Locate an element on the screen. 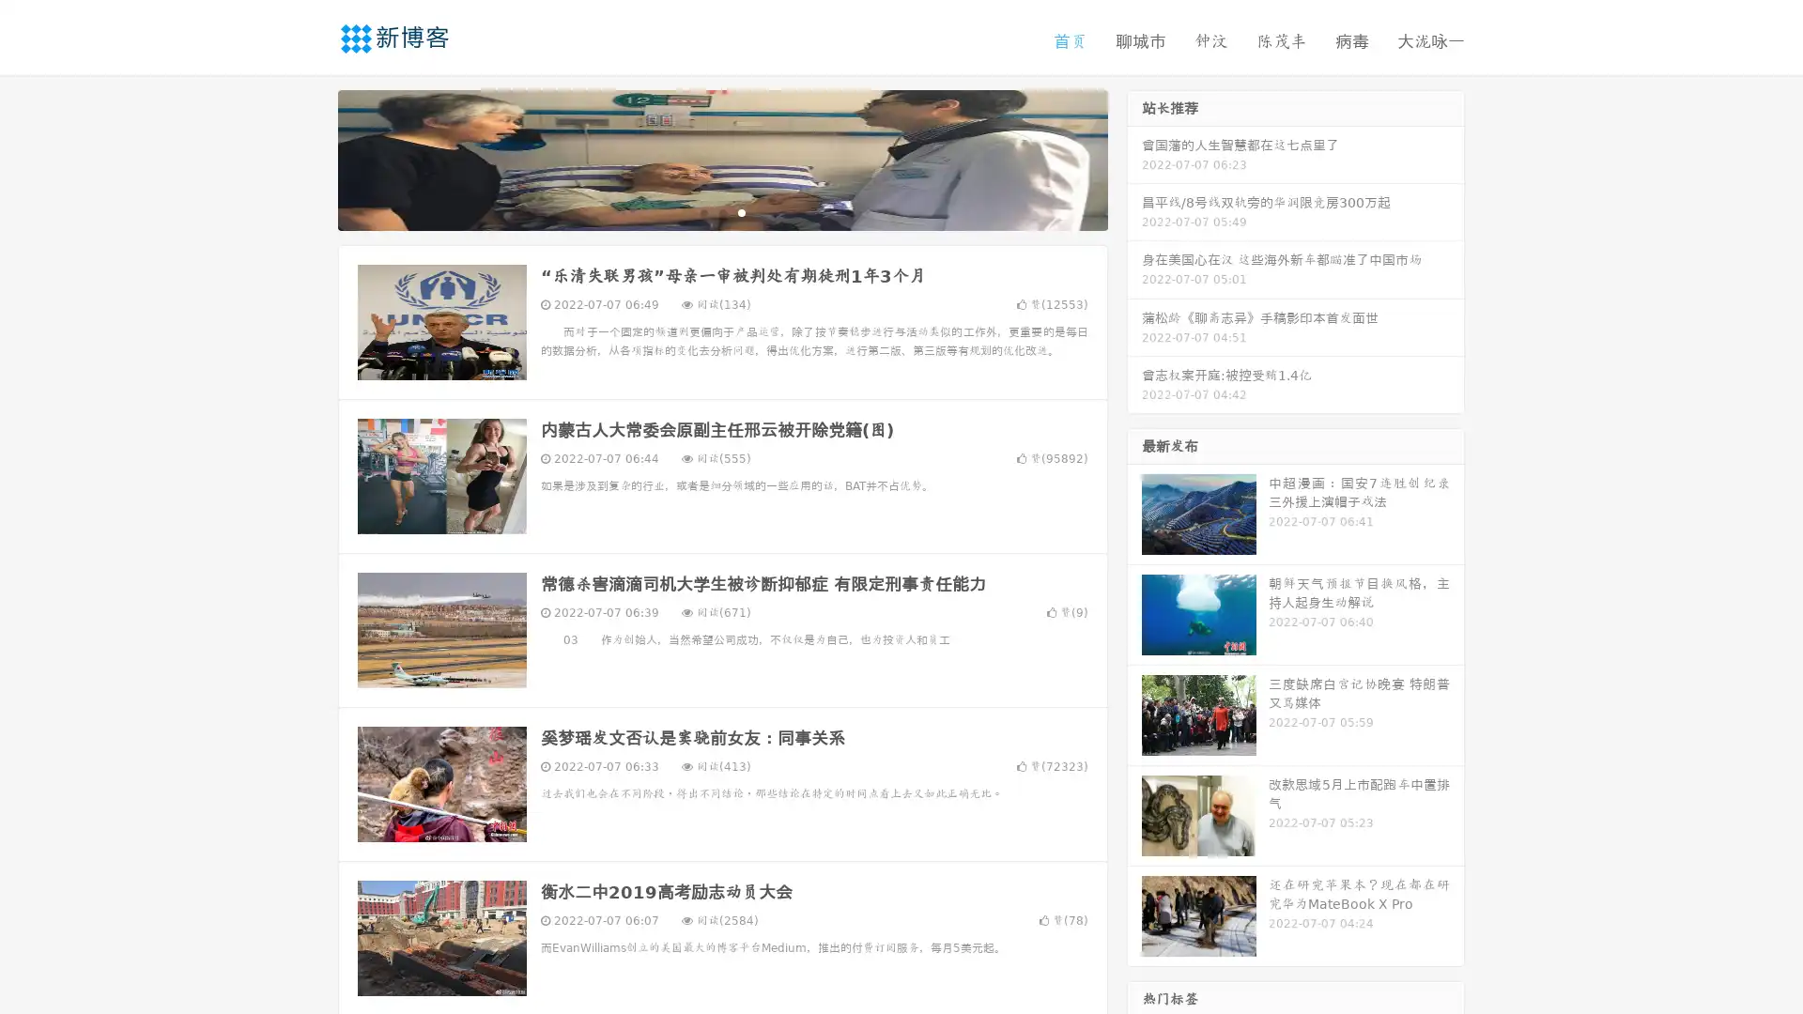  Go to slide 1 is located at coordinates (702, 211).